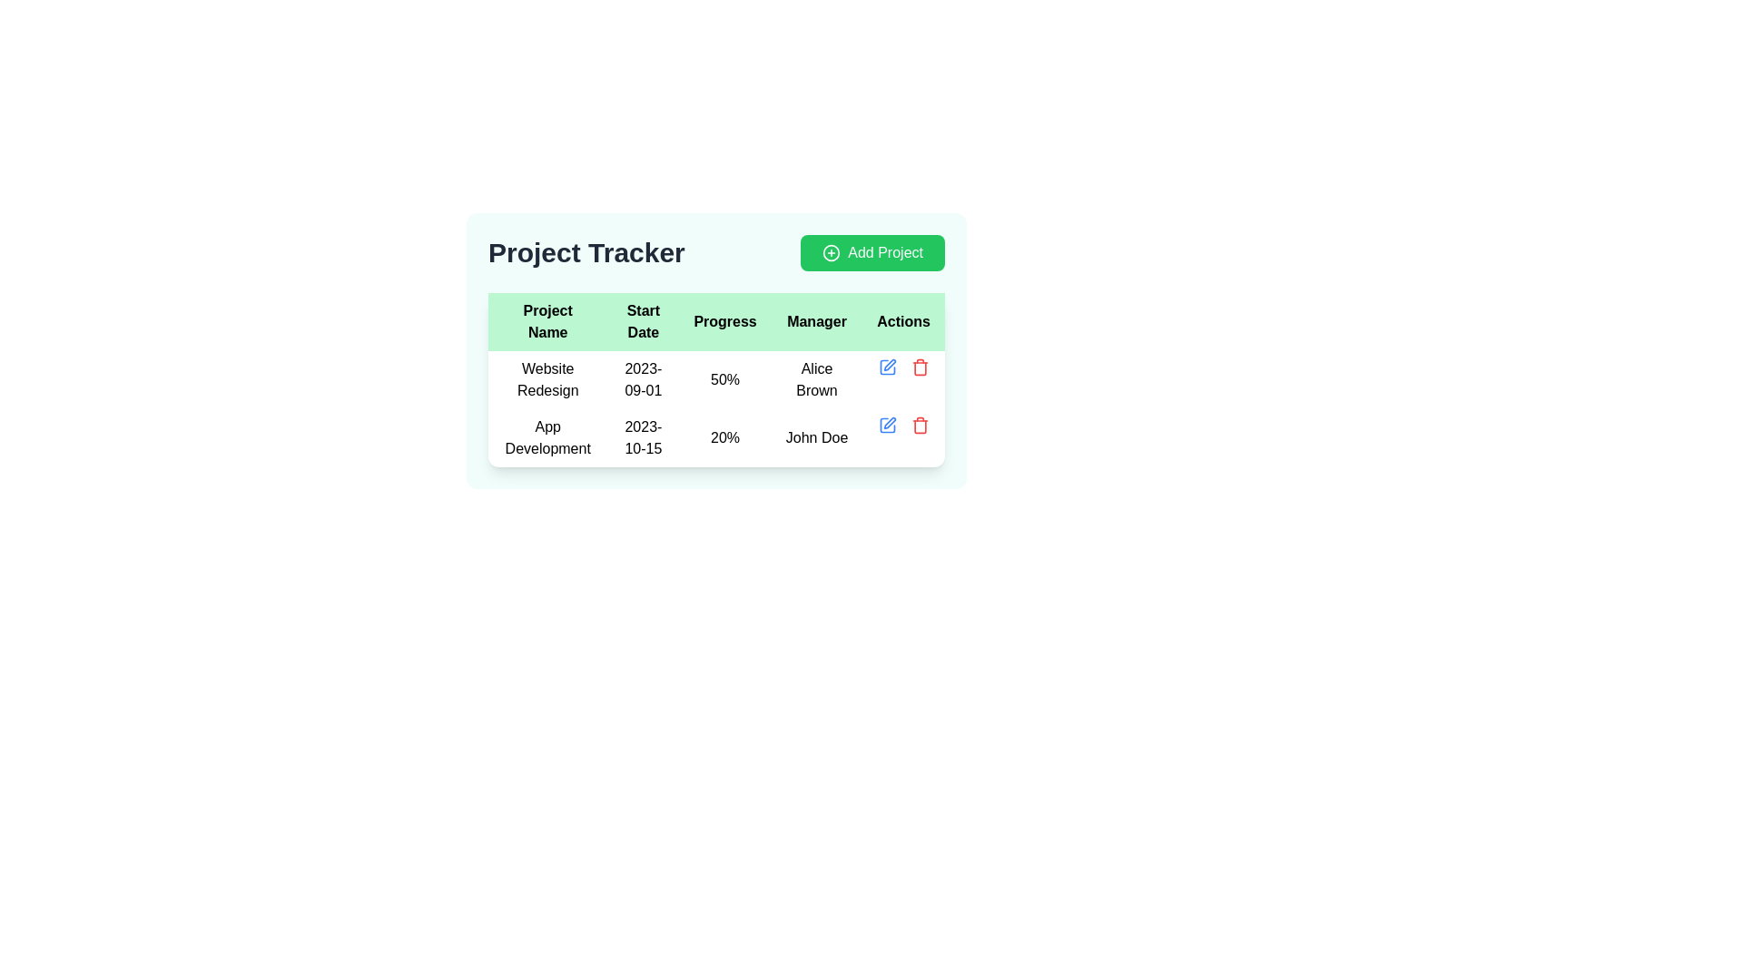 The width and height of the screenshot is (1743, 980). What do you see at coordinates (816, 320) in the screenshot?
I see `the centered text label reading 'Manager' in bold font against a light green background, which is the fourth item in the table header, located between 'Progress' and 'Actions'` at bounding box center [816, 320].